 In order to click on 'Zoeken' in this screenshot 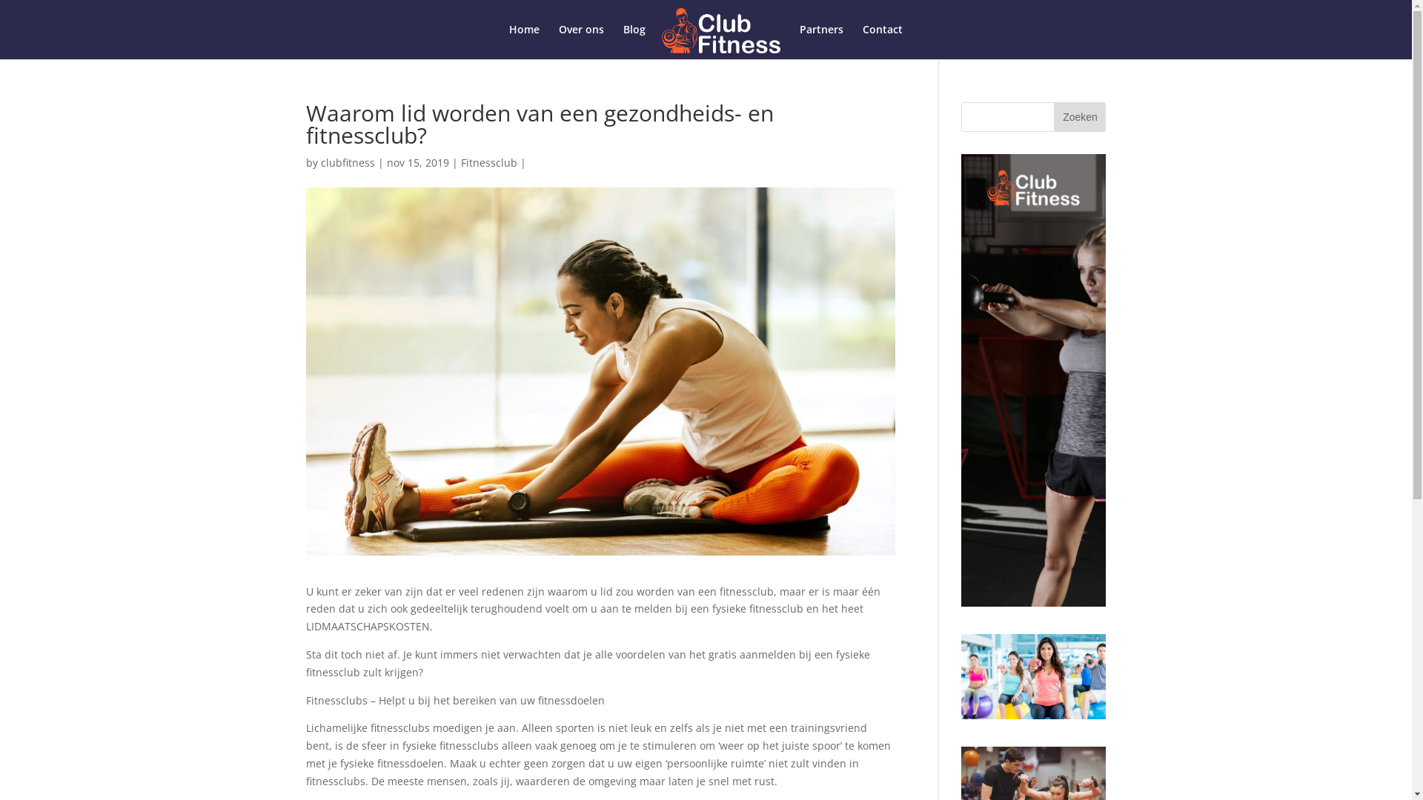, I will do `click(1080, 116)`.